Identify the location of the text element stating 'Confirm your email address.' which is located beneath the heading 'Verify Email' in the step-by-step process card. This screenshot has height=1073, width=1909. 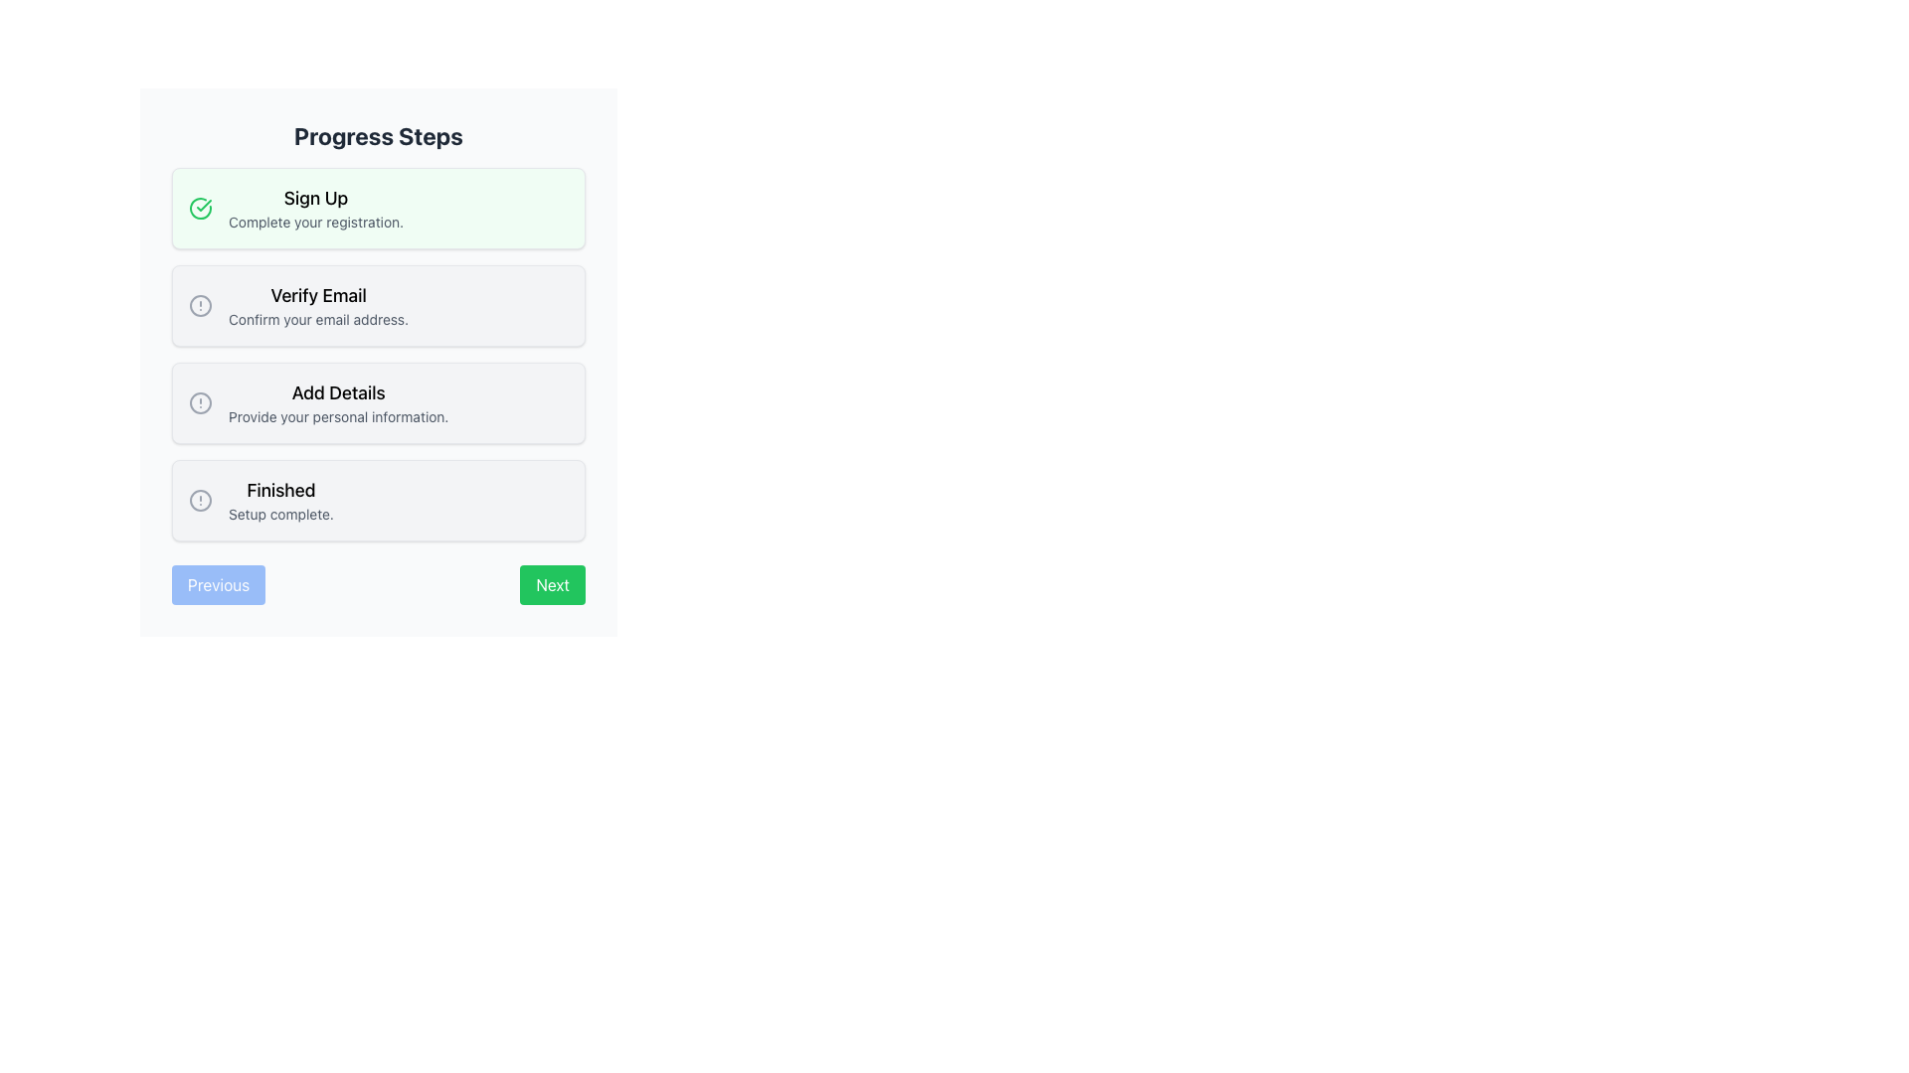
(318, 318).